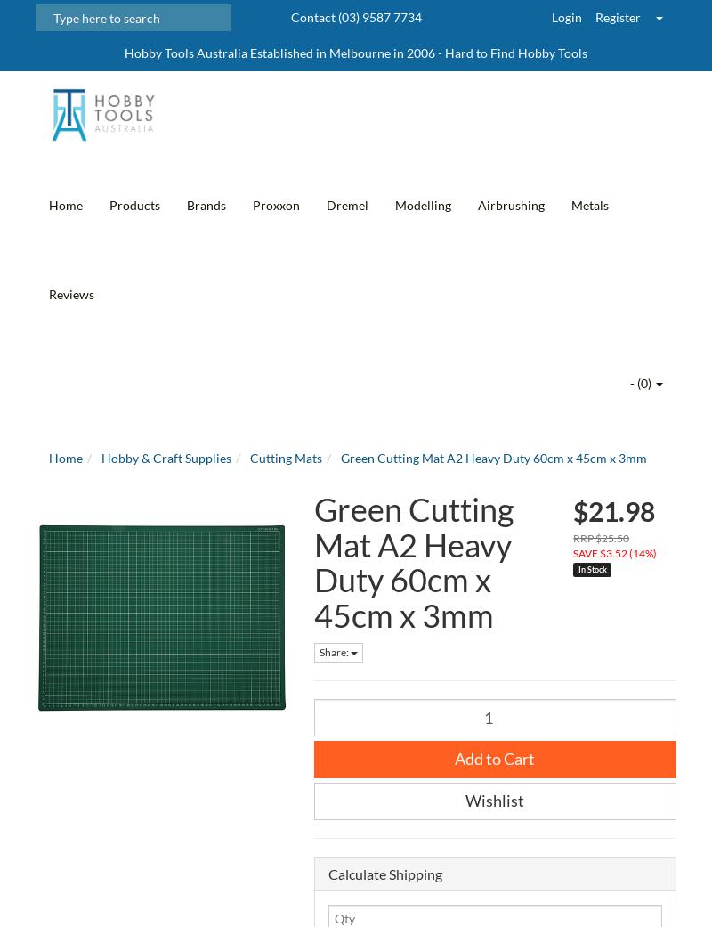 The width and height of the screenshot is (712, 927). What do you see at coordinates (100, 457) in the screenshot?
I see `'Hobby & Craft Supplies'` at bounding box center [100, 457].